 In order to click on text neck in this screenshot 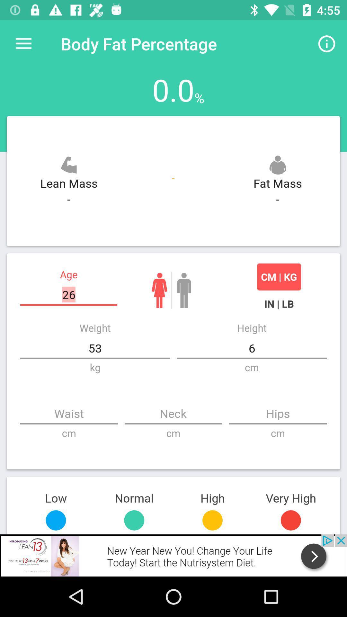, I will do `click(173, 414)`.